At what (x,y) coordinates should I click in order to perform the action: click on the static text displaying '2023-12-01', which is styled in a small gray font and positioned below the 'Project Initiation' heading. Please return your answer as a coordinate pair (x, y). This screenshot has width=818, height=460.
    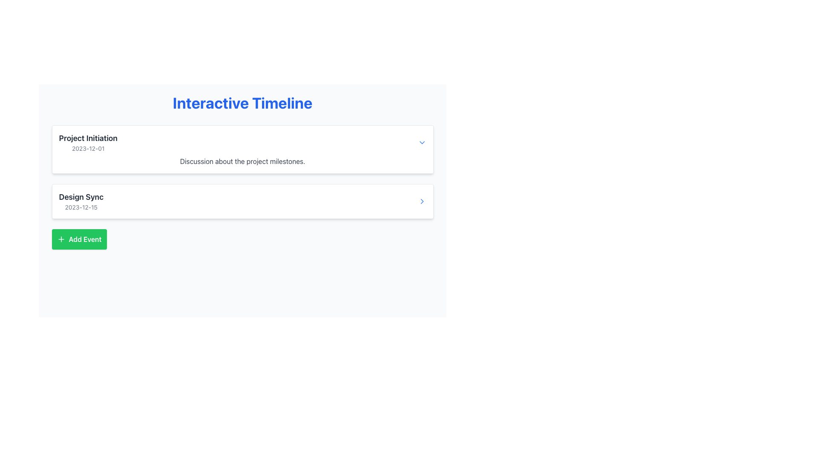
    Looking at the image, I should click on (88, 148).